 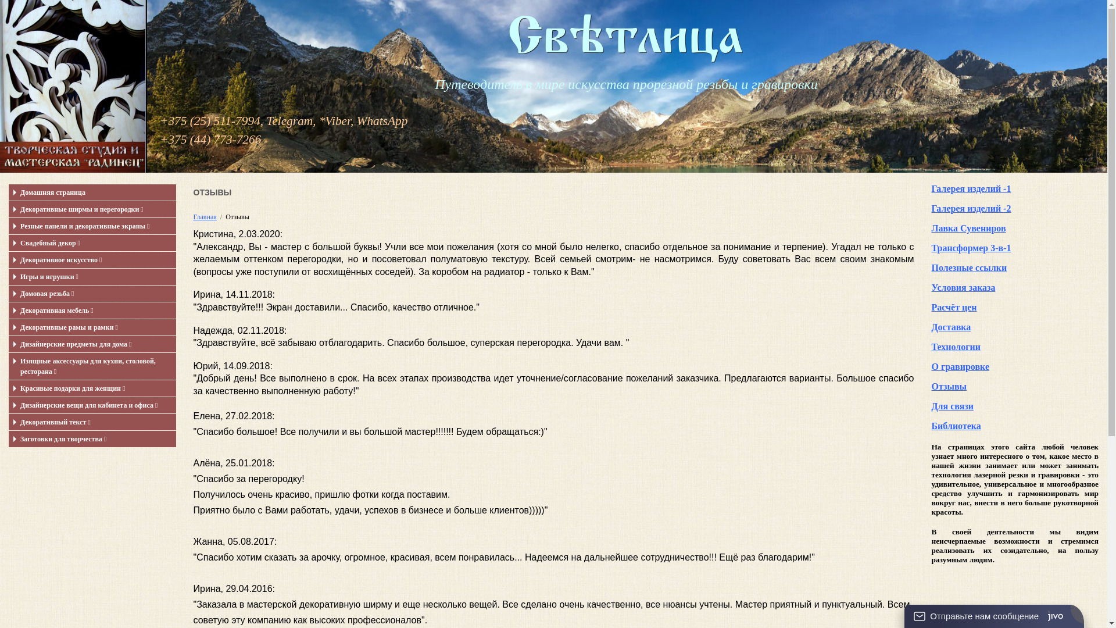 What do you see at coordinates (319, 121) in the screenshot?
I see `'*'` at bounding box center [319, 121].